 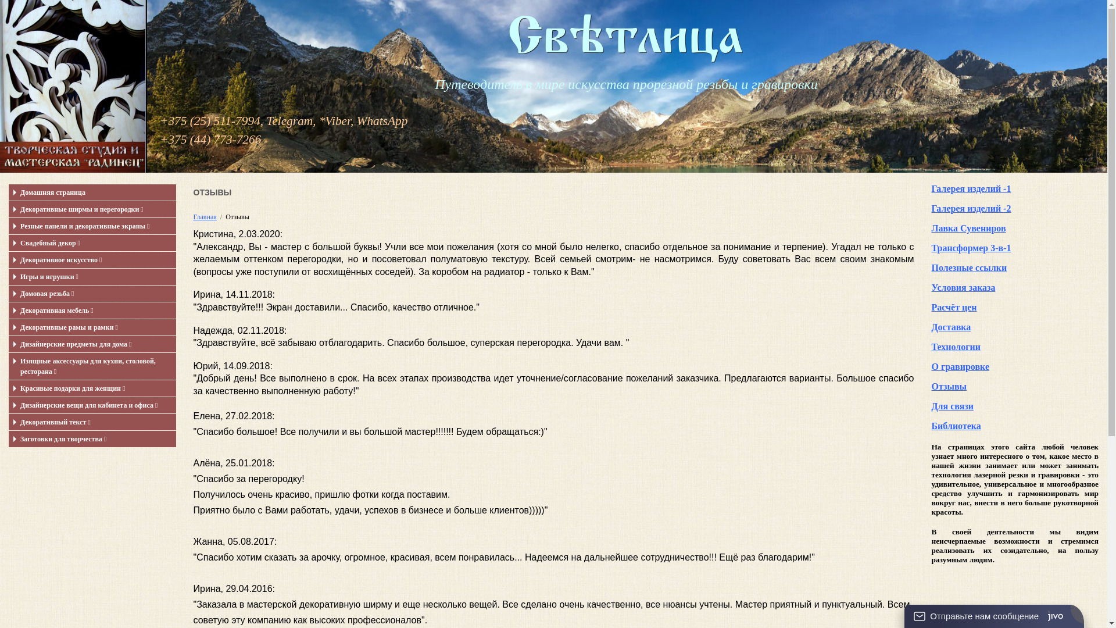 What do you see at coordinates (319, 121) in the screenshot?
I see `'*'` at bounding box center [319, 121].